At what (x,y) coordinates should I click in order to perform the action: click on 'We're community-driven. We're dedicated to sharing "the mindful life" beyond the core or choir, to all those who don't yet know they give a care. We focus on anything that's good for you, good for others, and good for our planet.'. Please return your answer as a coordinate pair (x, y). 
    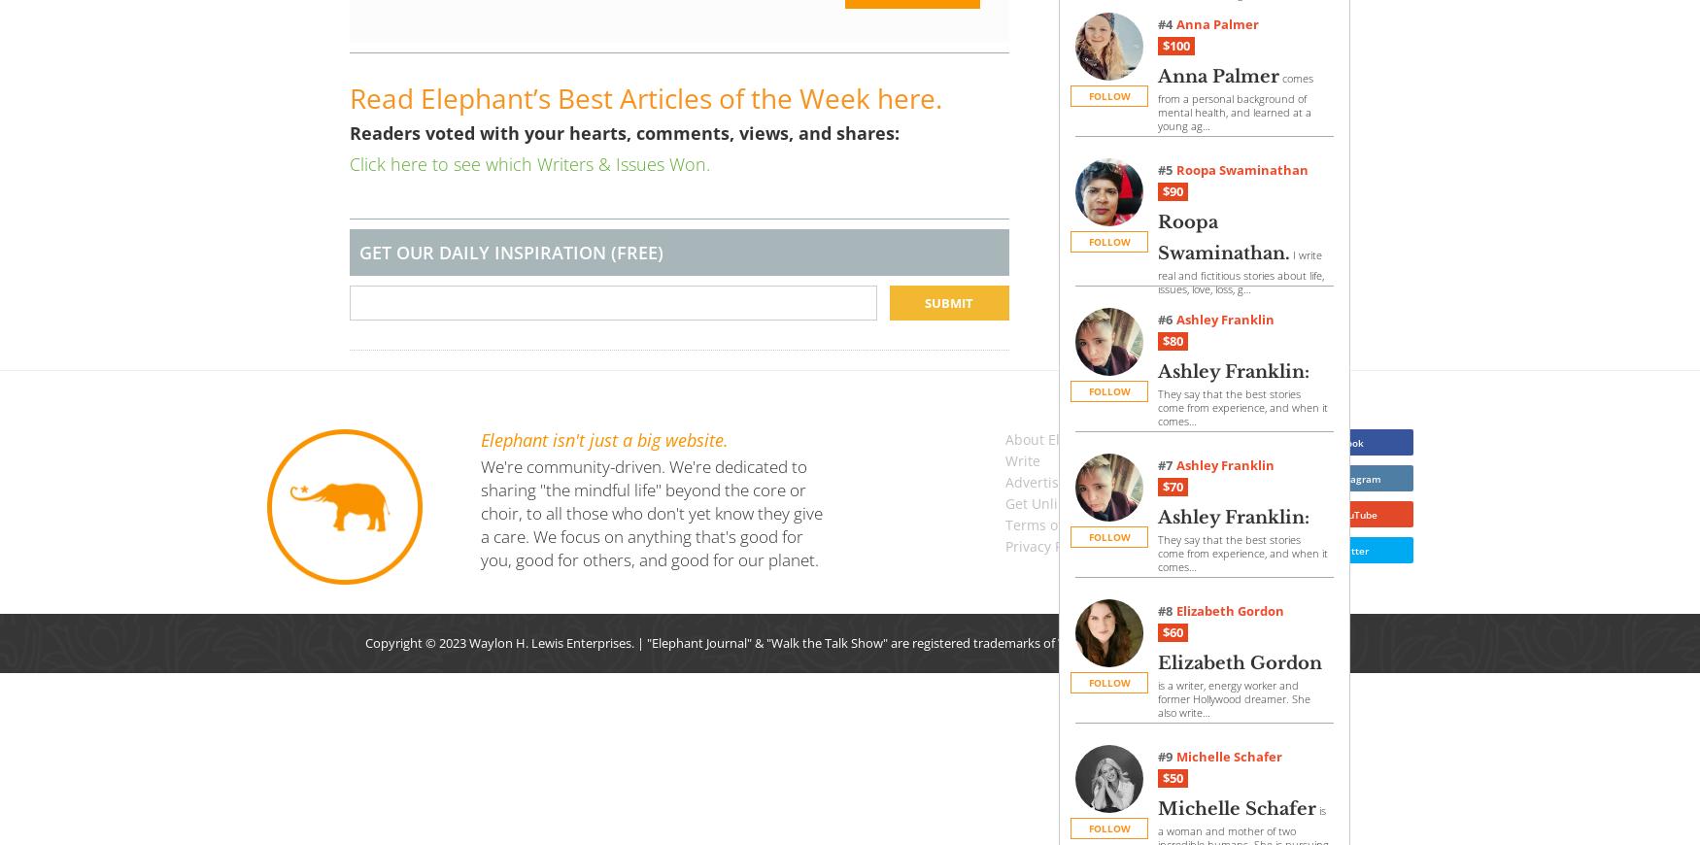
    Looking at the image, I should click on (650, 512).